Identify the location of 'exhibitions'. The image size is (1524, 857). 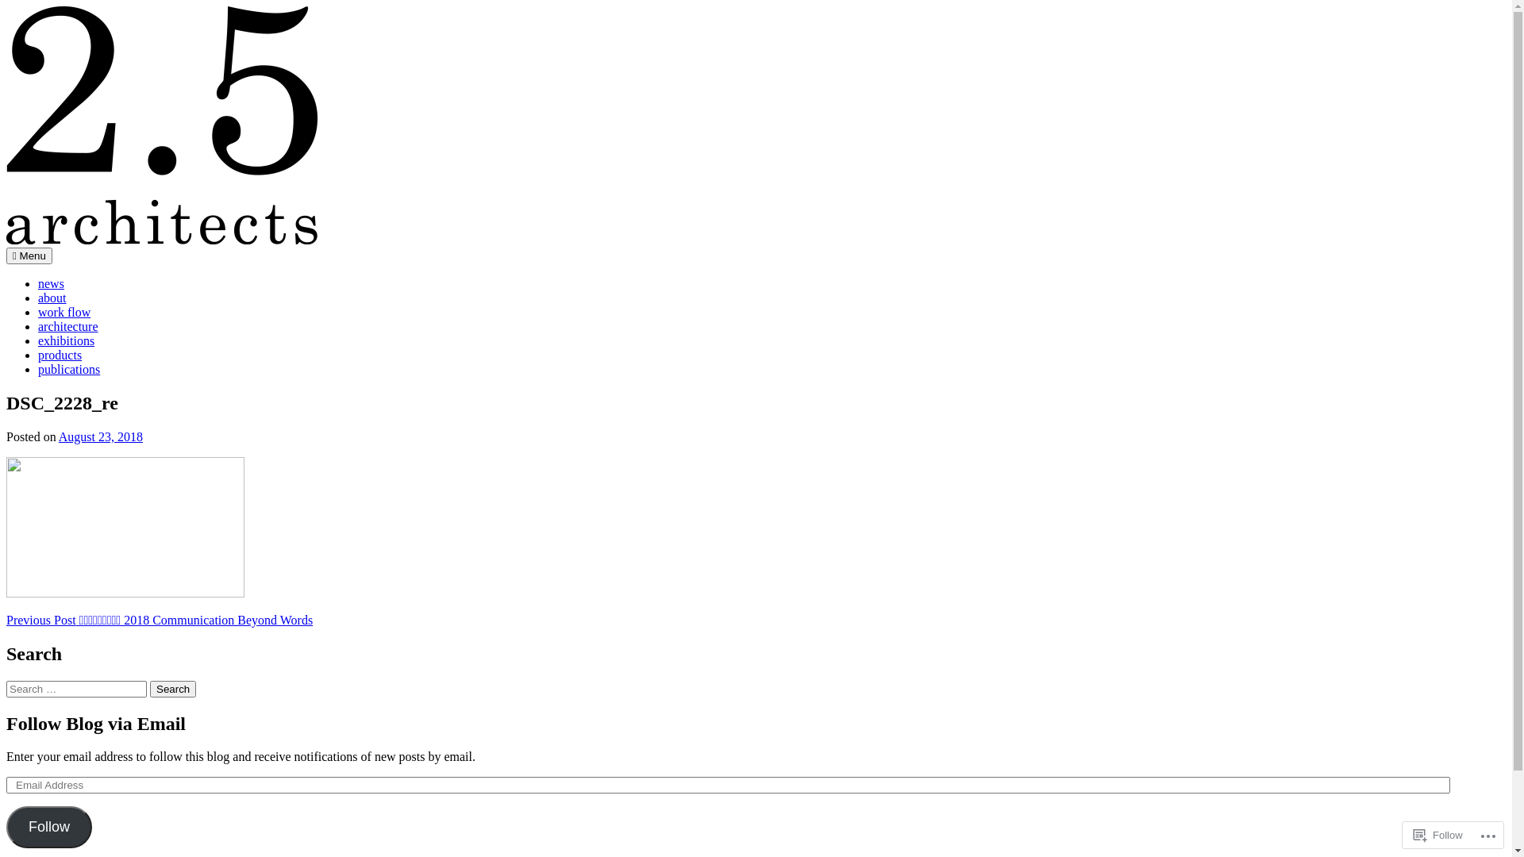
(65, 340).